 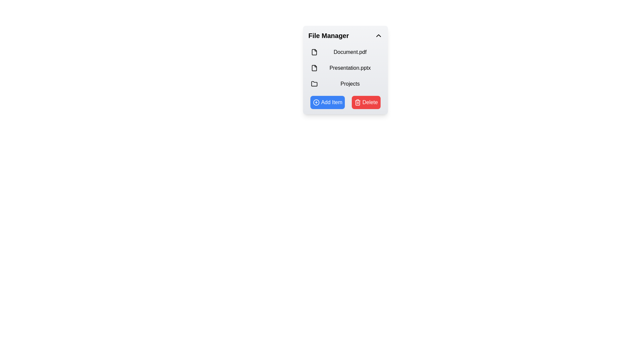 What do you see at coordinates (328, 102) in the screenshot?
I see `the button in the 'File Manager' panel that allows users to add a new item` at bounding box center [328, 102].